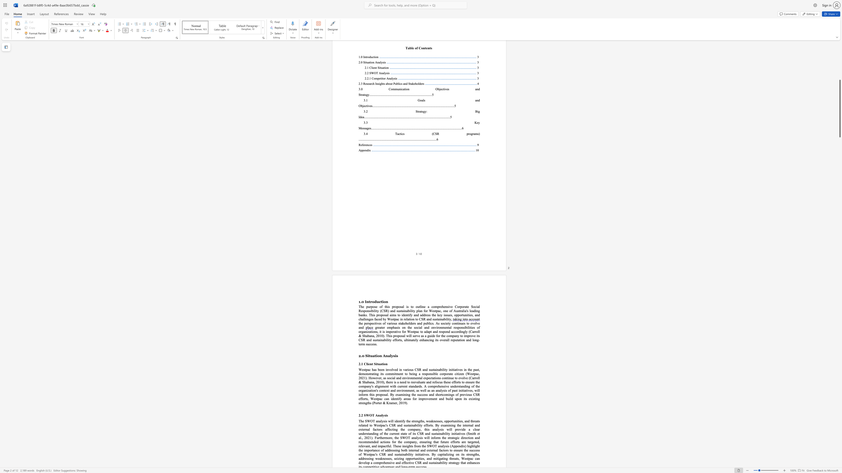 The image size is (842, 473). What do you see at coordinates (449, 323) in the screenshot?
I see `the 1th character "y" in the text` at bounding box center [449, 323].